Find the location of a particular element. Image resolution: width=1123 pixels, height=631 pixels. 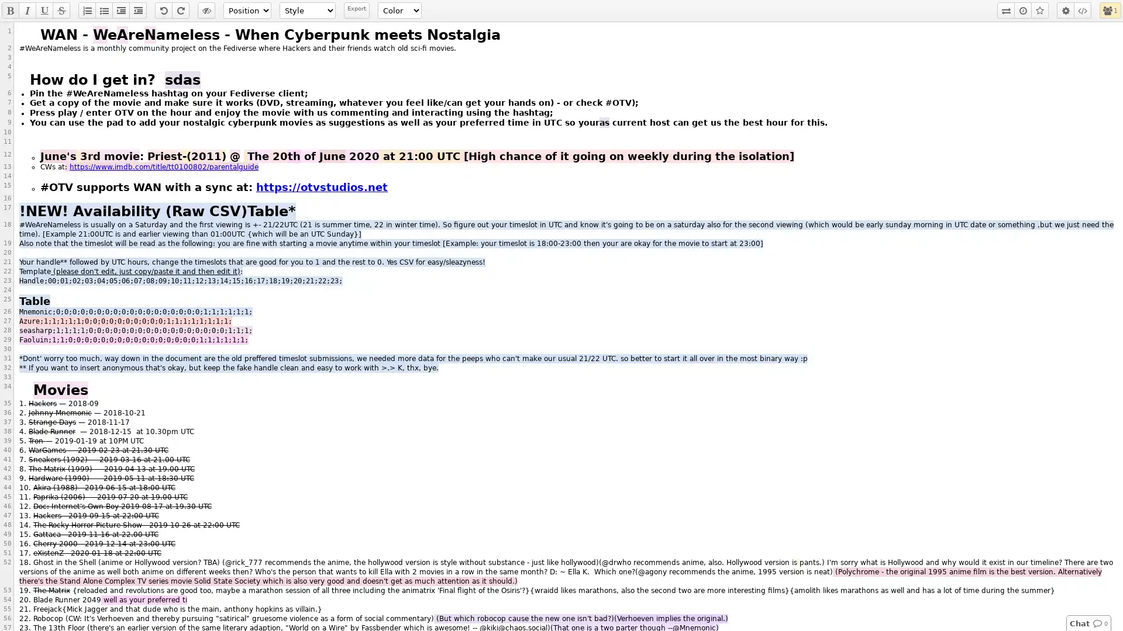

Outdent (Shift+Tab) is located at coordinates (137, 11).